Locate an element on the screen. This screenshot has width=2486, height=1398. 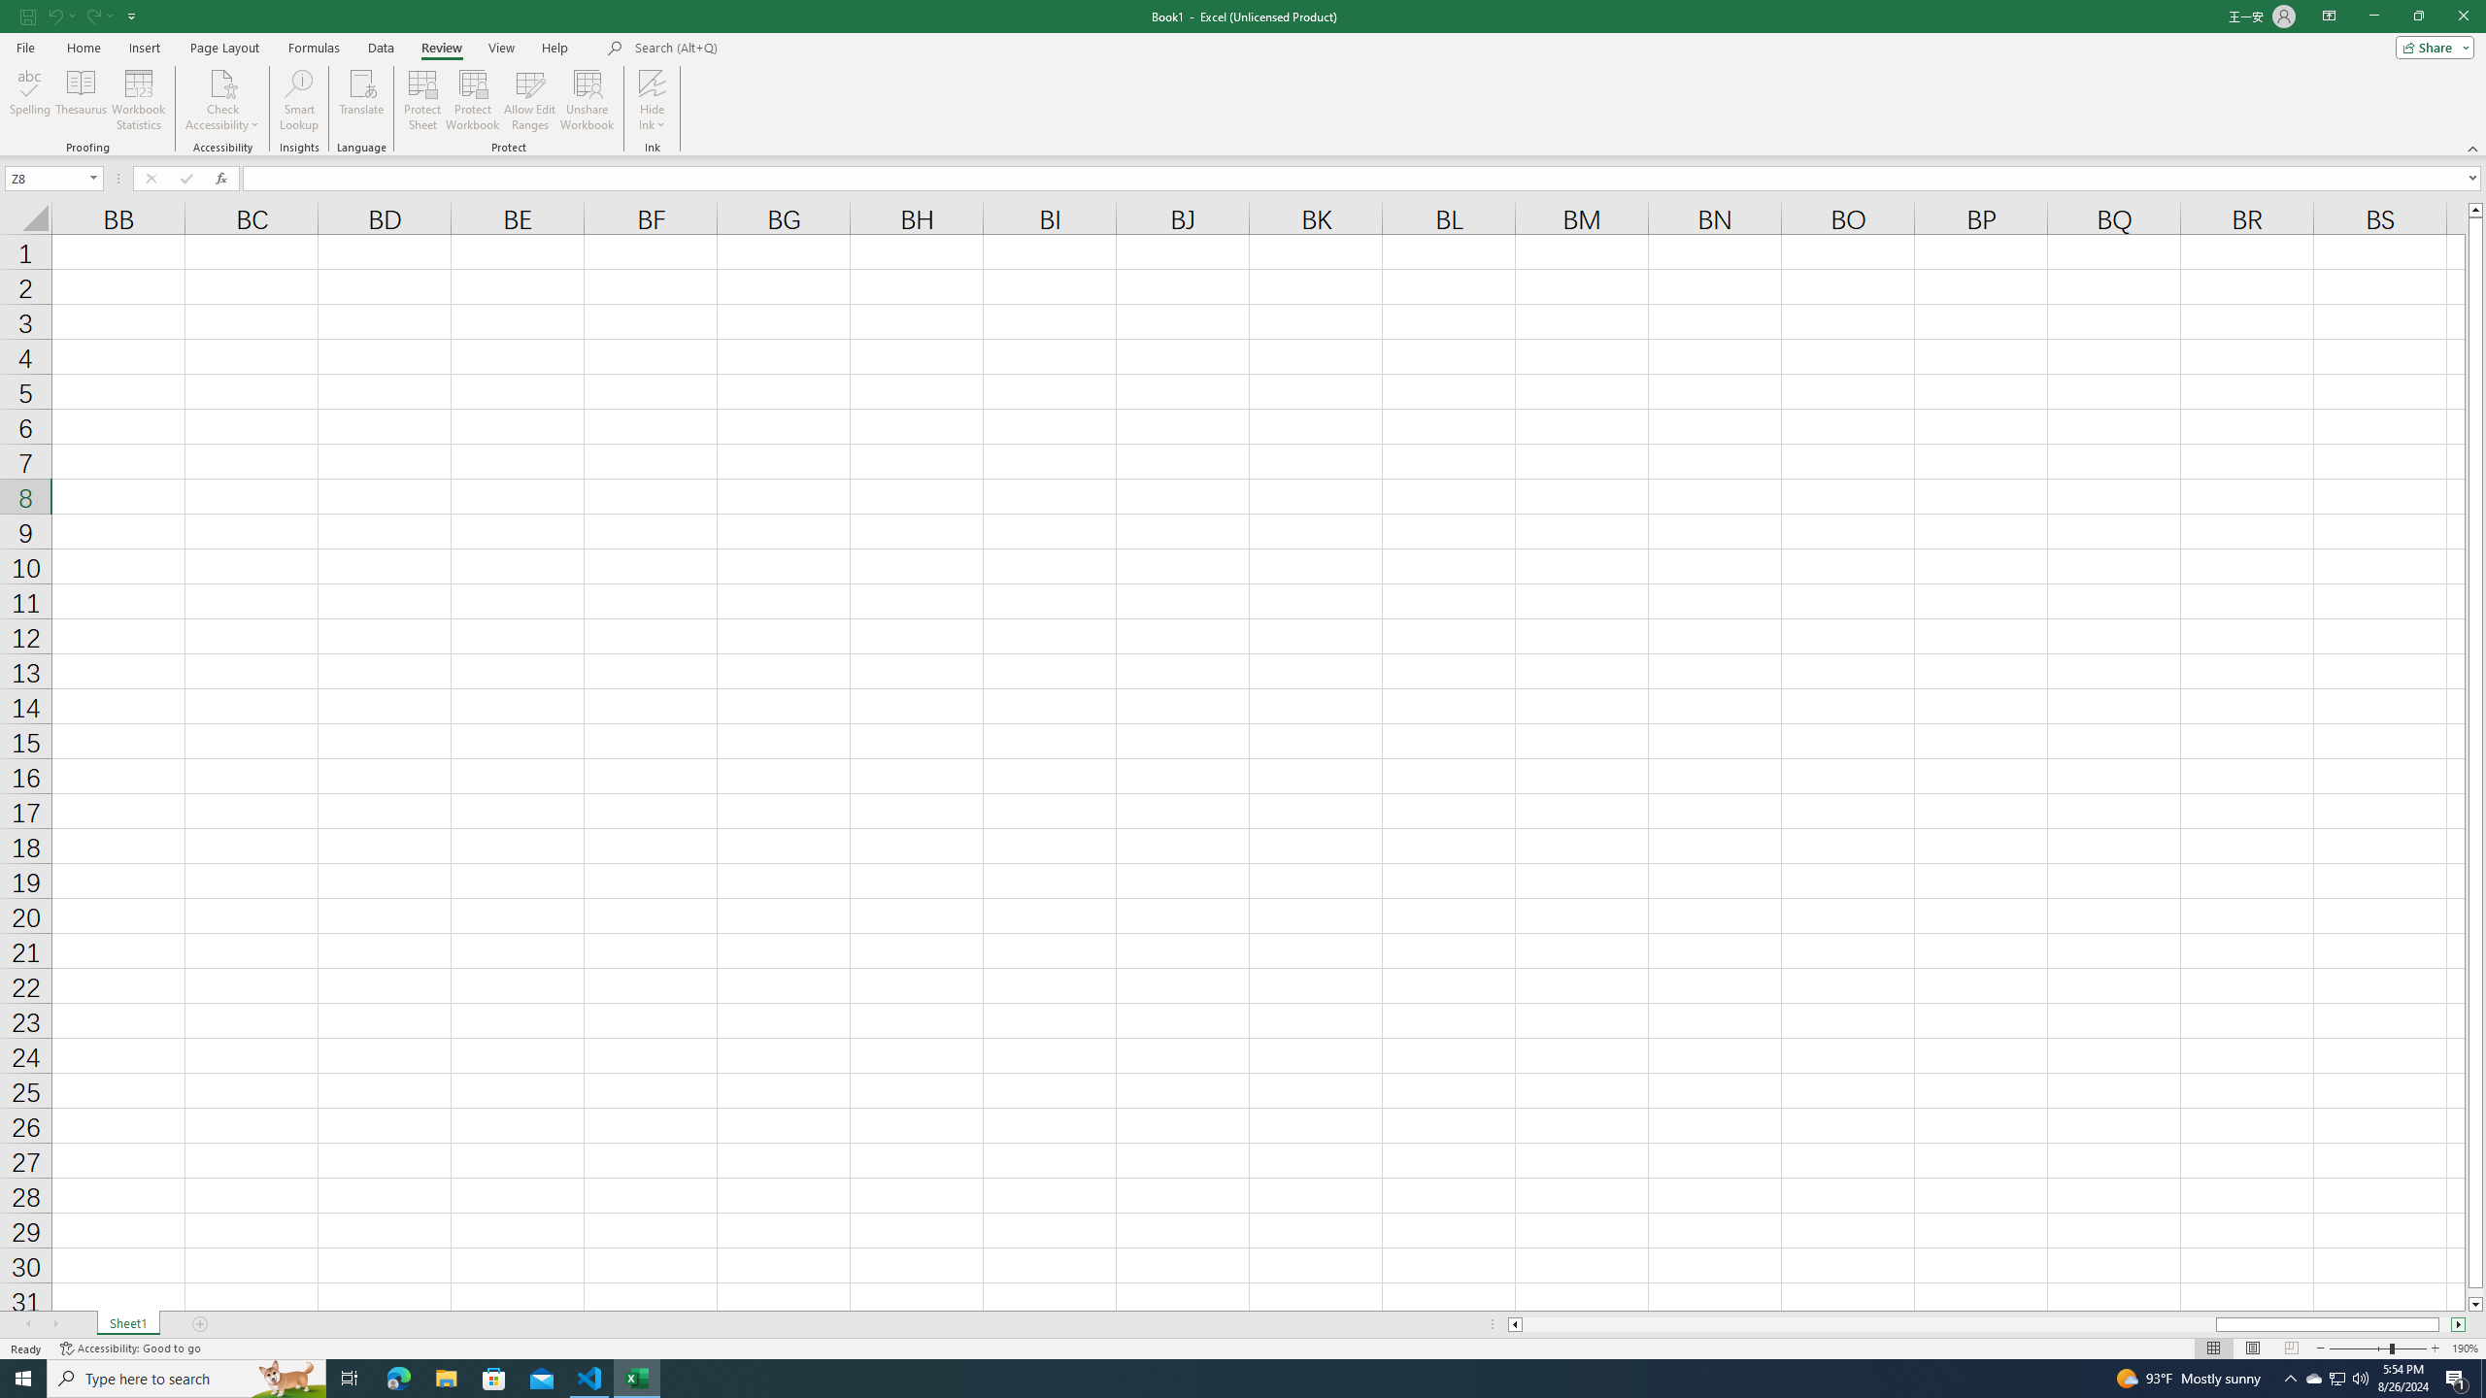
'Protect Workbook...' is located at coordinates (472, 100).